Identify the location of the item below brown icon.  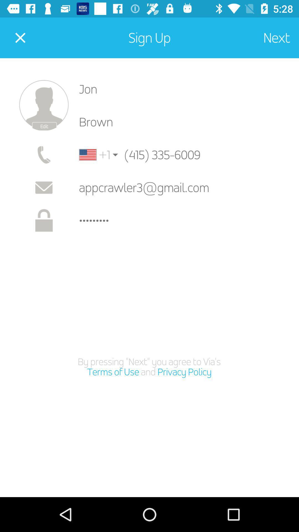
(94, 155).